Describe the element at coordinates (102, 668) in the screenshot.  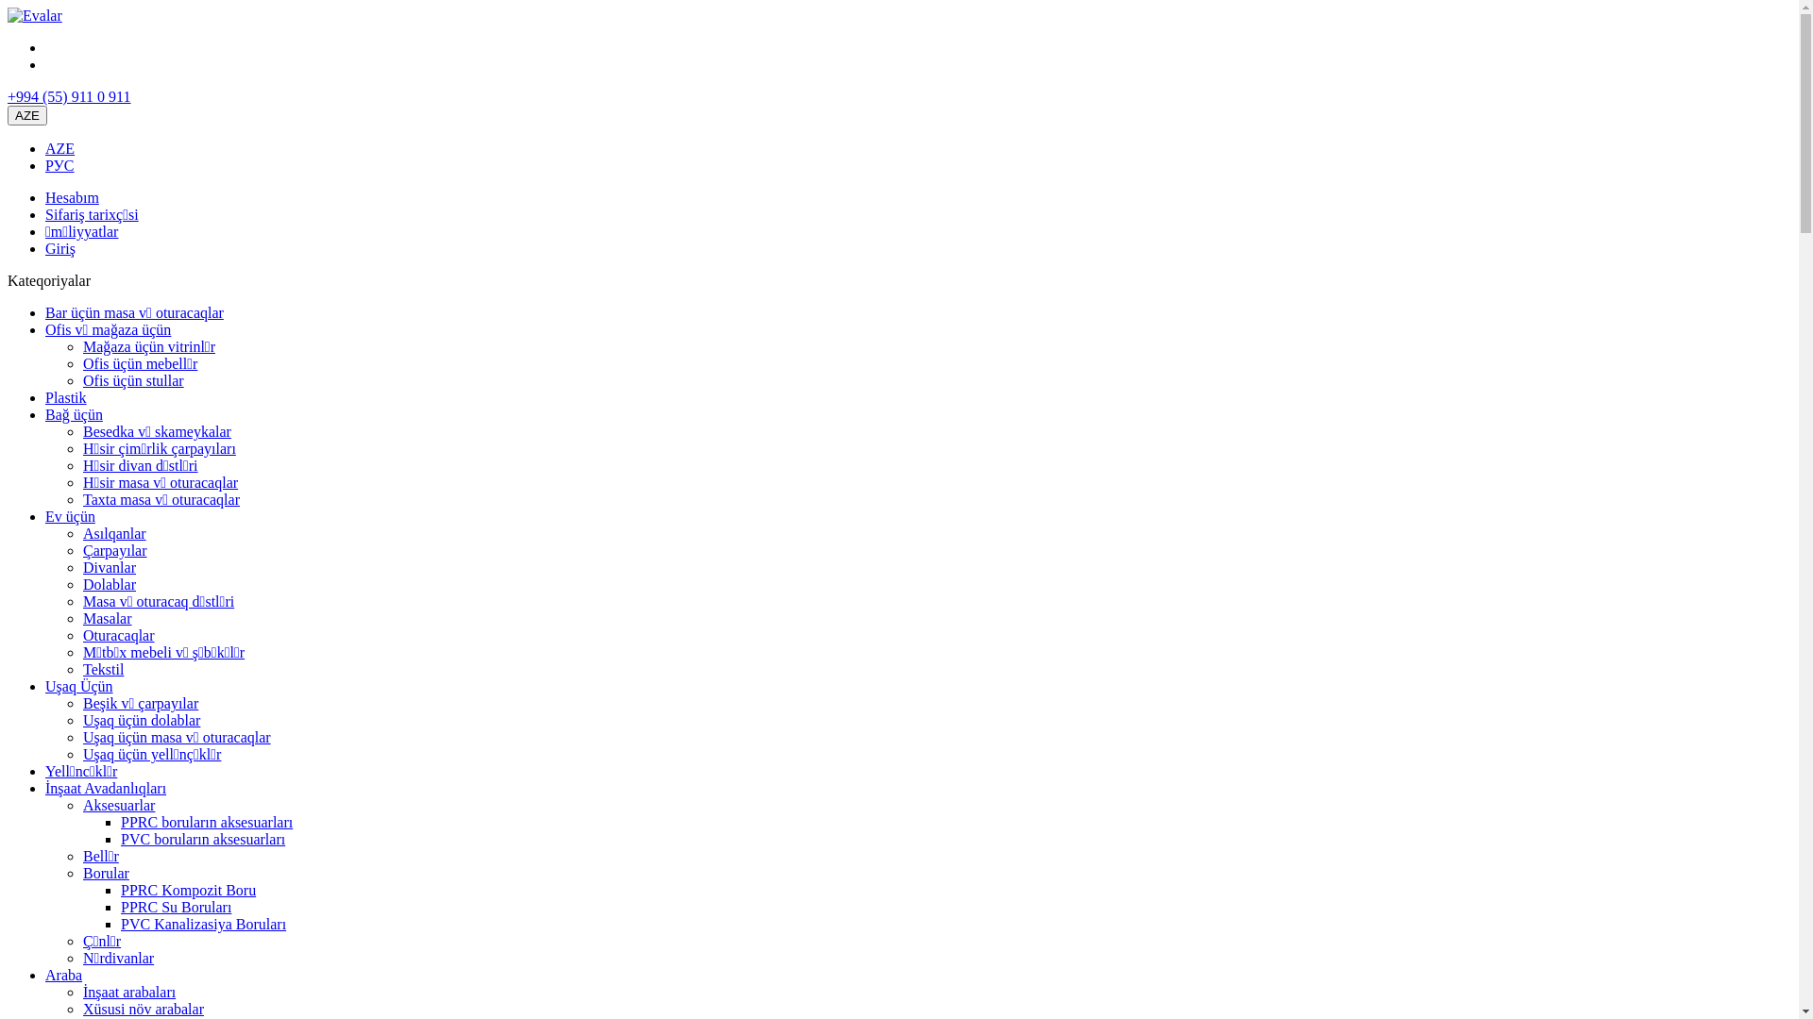
I see `'Tekstil'` at that location.